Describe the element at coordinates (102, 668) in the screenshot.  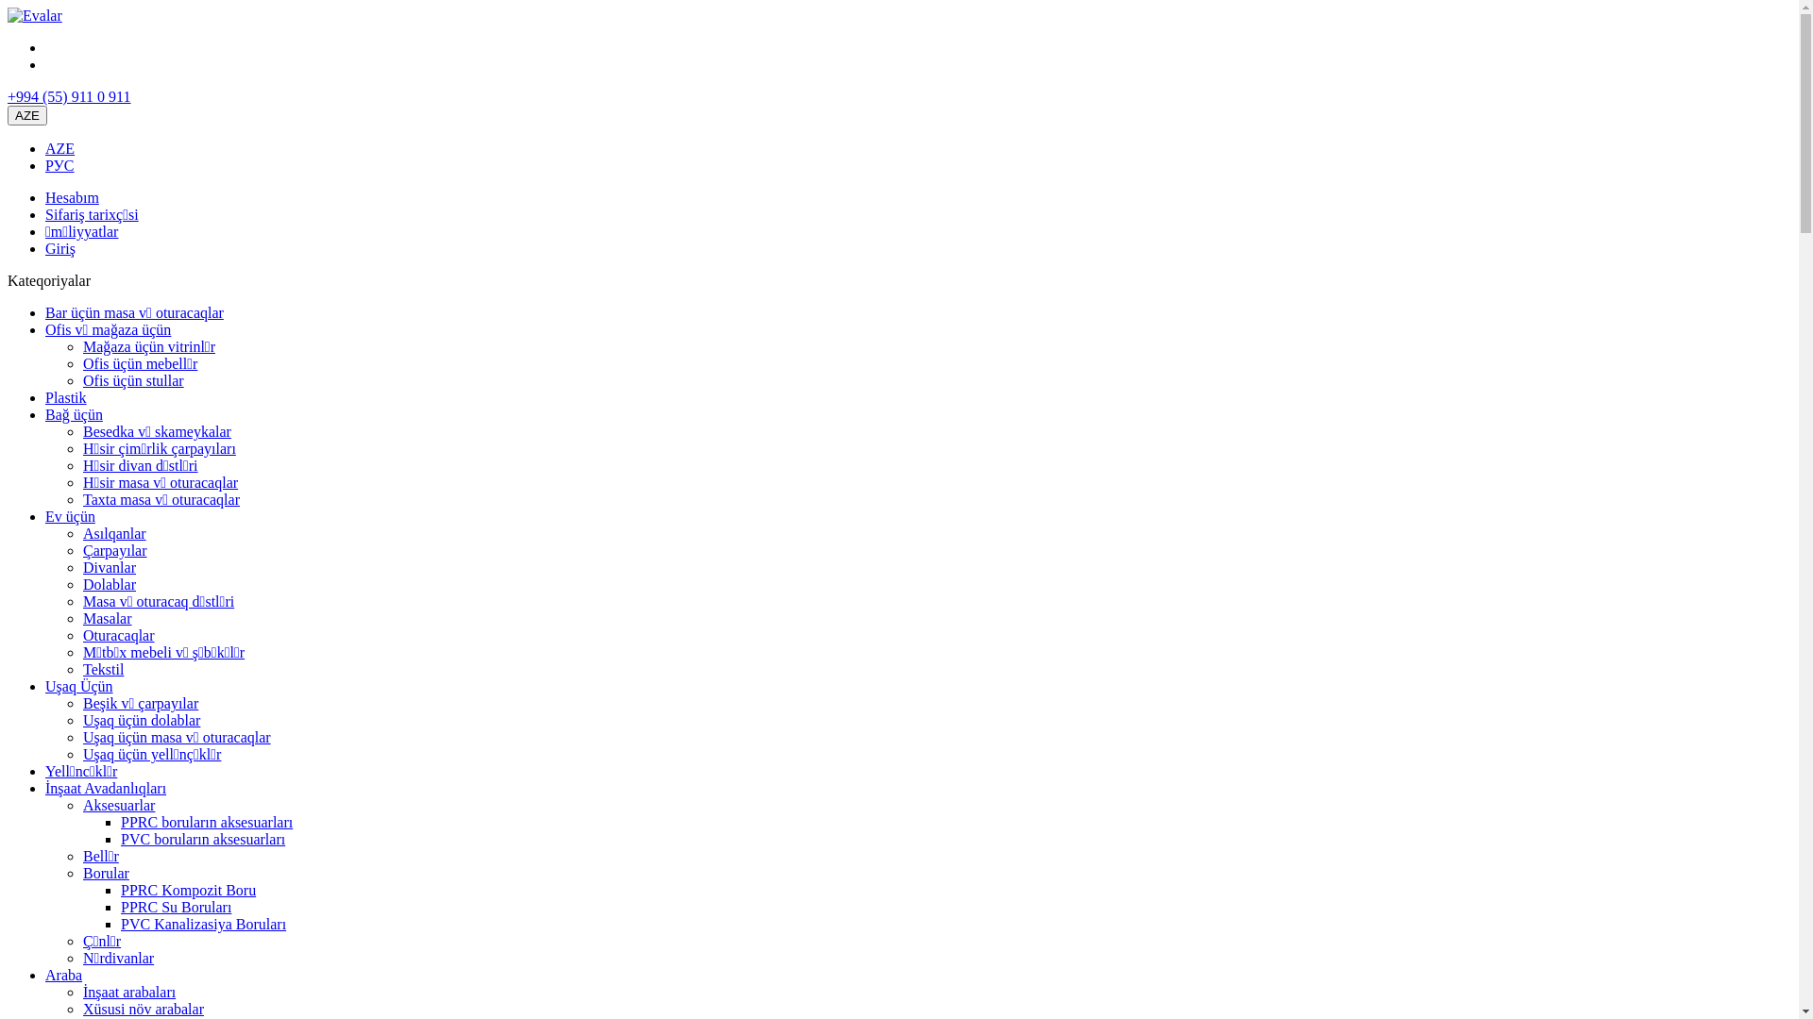
I see `'Tekstil'` at that location.